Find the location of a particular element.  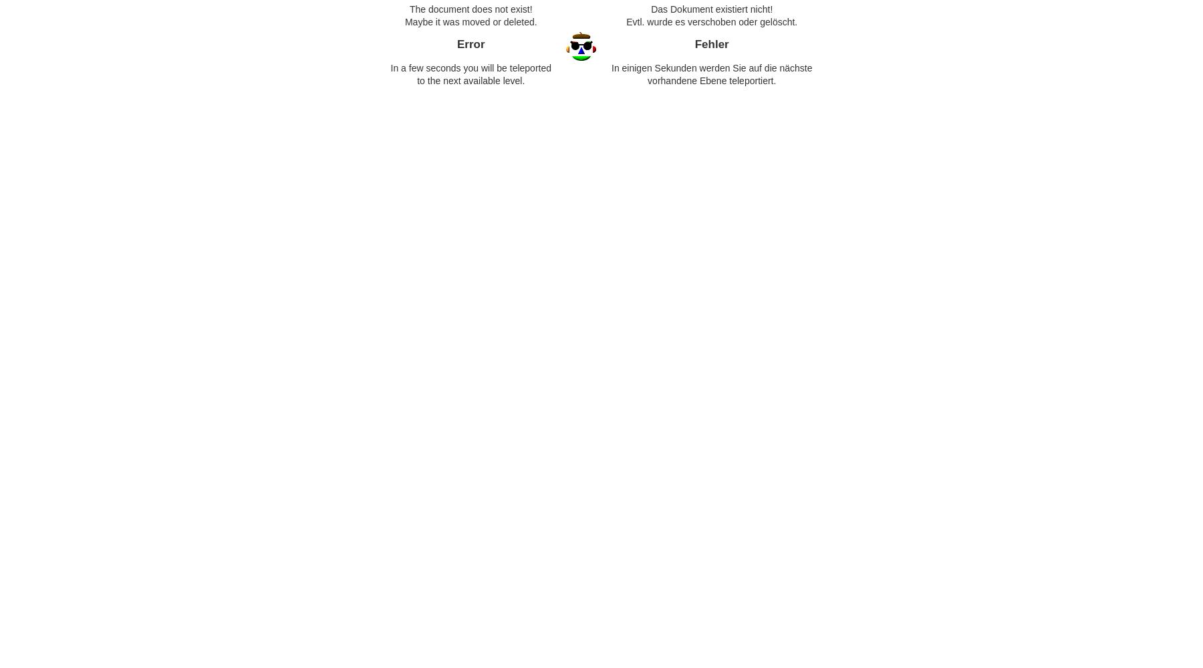

'to the next available level.' is located at coordinates (417, 79).